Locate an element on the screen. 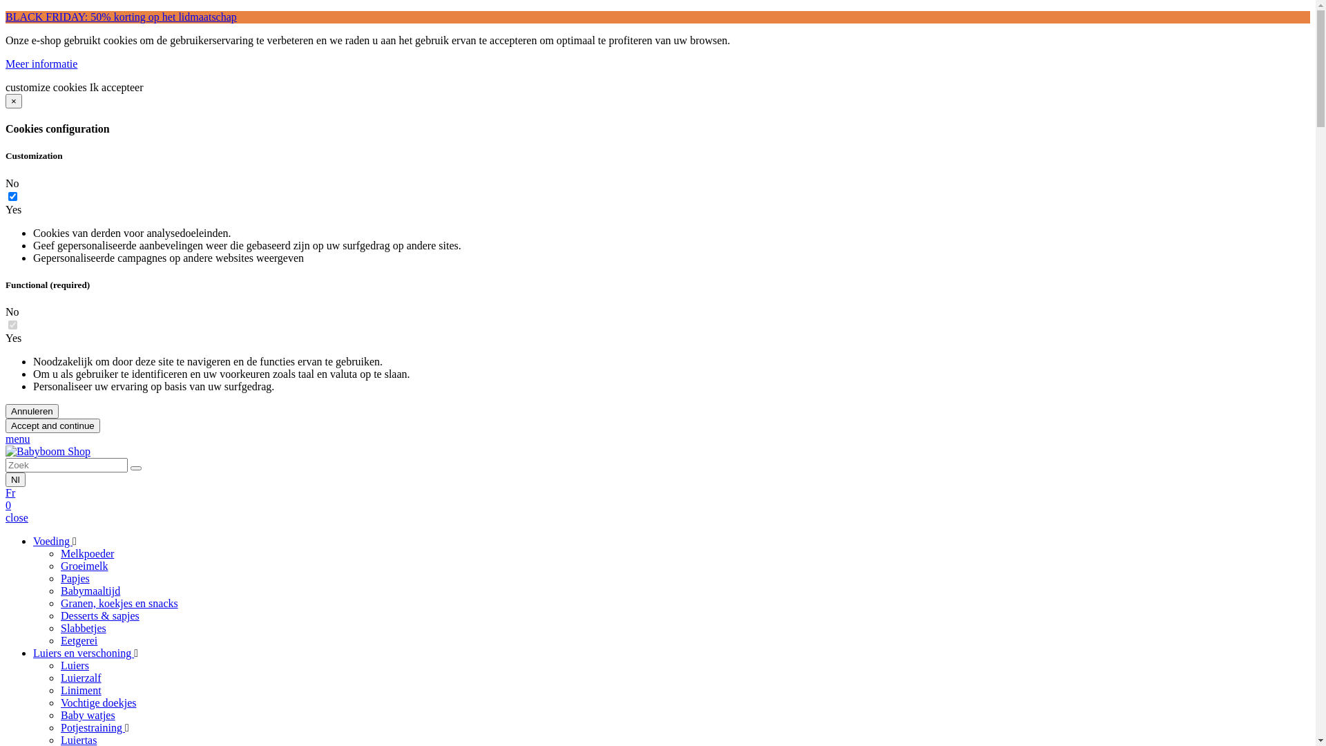  'menu' is located at coordinates (17, 439).